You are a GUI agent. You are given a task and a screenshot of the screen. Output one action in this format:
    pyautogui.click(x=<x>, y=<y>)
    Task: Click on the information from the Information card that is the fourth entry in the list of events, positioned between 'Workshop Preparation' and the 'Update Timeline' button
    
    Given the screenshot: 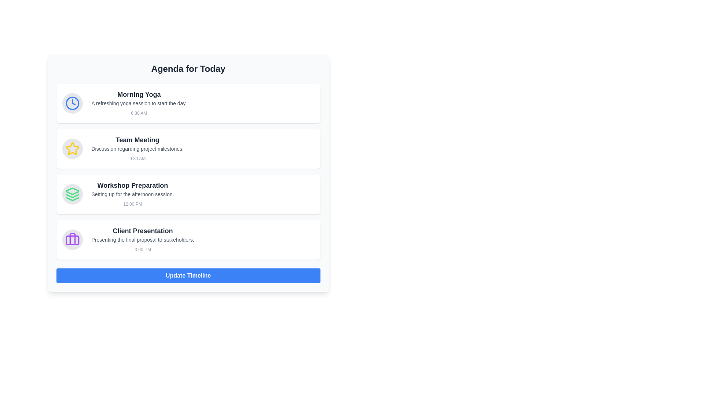 What is the action you would take?
    pyautogui.click(x=188, y=240)
    